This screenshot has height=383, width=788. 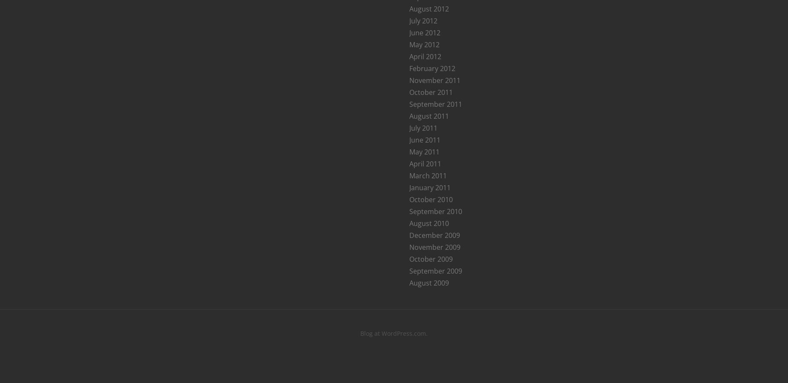 What do you see at coordinates (409, 187) in the screenshot?
I see `'January 2011'` at bounding box center [409, 187].